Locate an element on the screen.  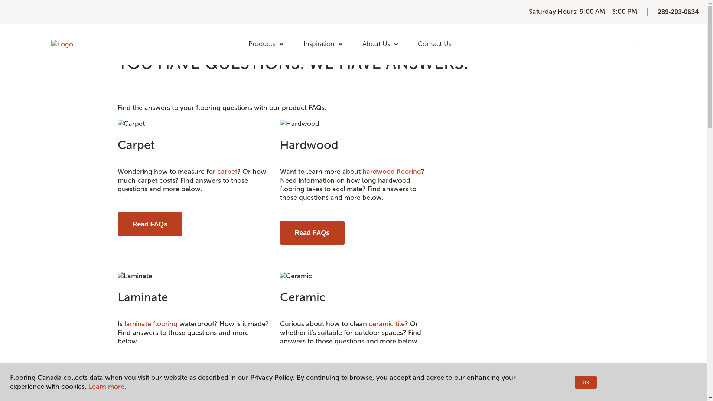
'About Us' is located at coordinates (381, 44).